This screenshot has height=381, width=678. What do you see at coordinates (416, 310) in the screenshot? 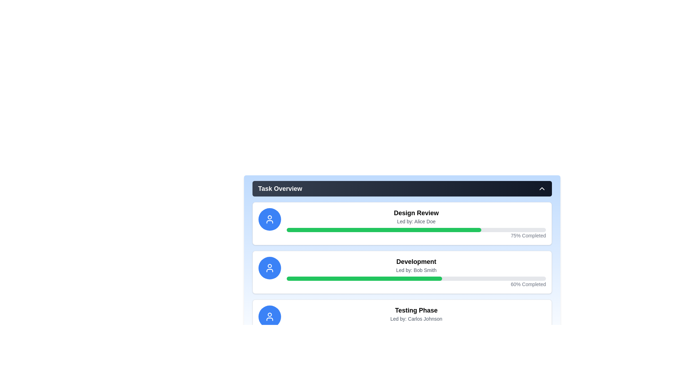
I see `text label conveying the title of the current task phase located at the top of the third task card, above the text 'Led by: Carlos Johnson'` at bounding box center [416, 310].